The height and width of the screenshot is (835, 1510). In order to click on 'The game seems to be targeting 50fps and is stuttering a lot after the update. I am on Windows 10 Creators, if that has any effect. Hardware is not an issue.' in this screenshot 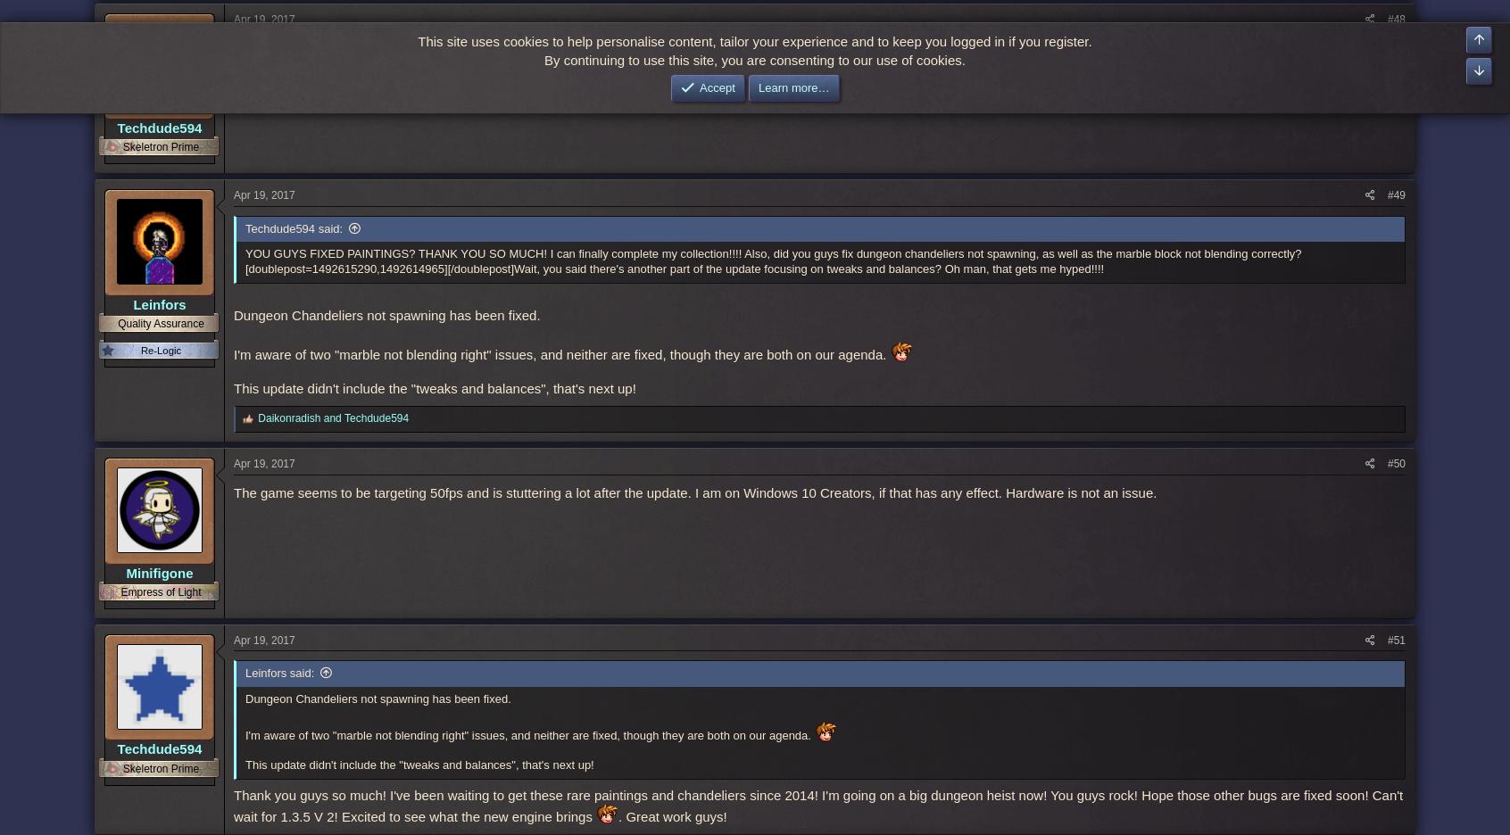, I will do `click(694, 491)`.